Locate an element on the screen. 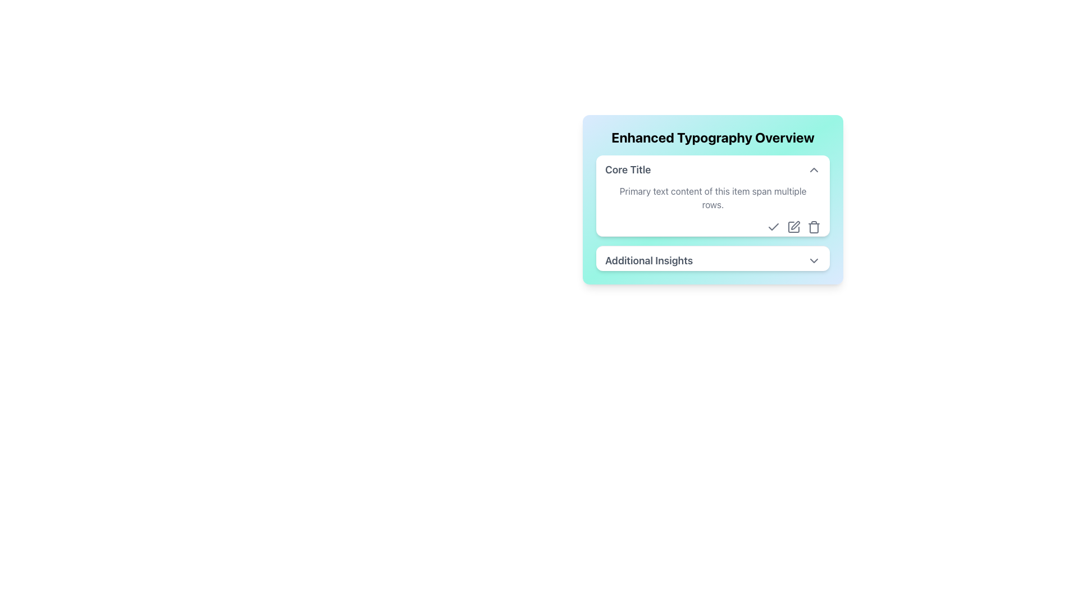 This screenshot has width=1078, height=606. the Text Block element containing the string 'Primary text content of this item span multiple rows.' which is located under the heading 'Core Title' in the card layout is located at coordinates (712, 209).